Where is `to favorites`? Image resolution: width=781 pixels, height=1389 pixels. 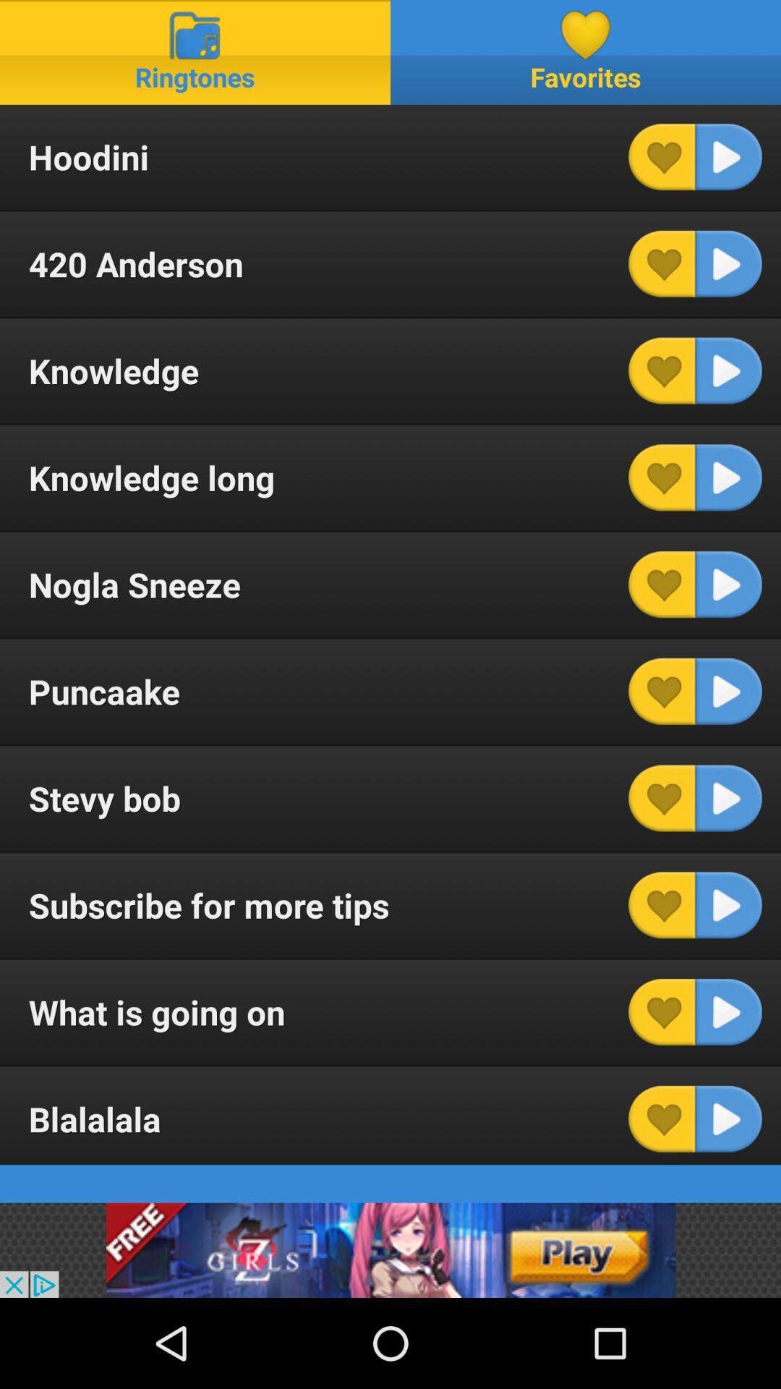 to favorites is located at coordinates (662, 690).